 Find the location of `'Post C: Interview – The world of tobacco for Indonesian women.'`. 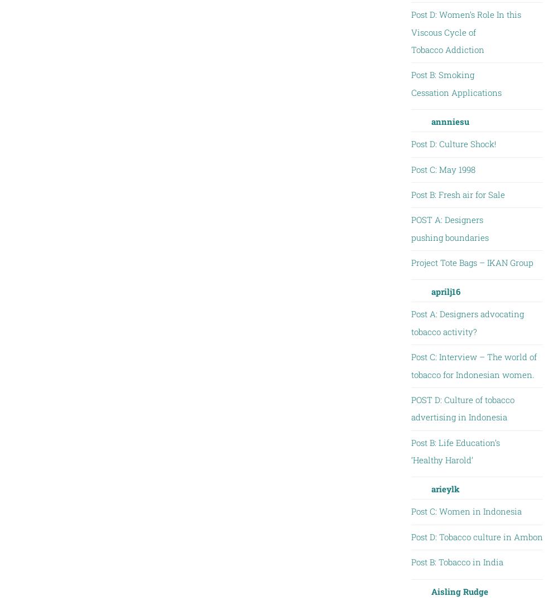

'Post C: Interview – The world of tobacco for Indonesian women.' is located at coordinates (473, 365).